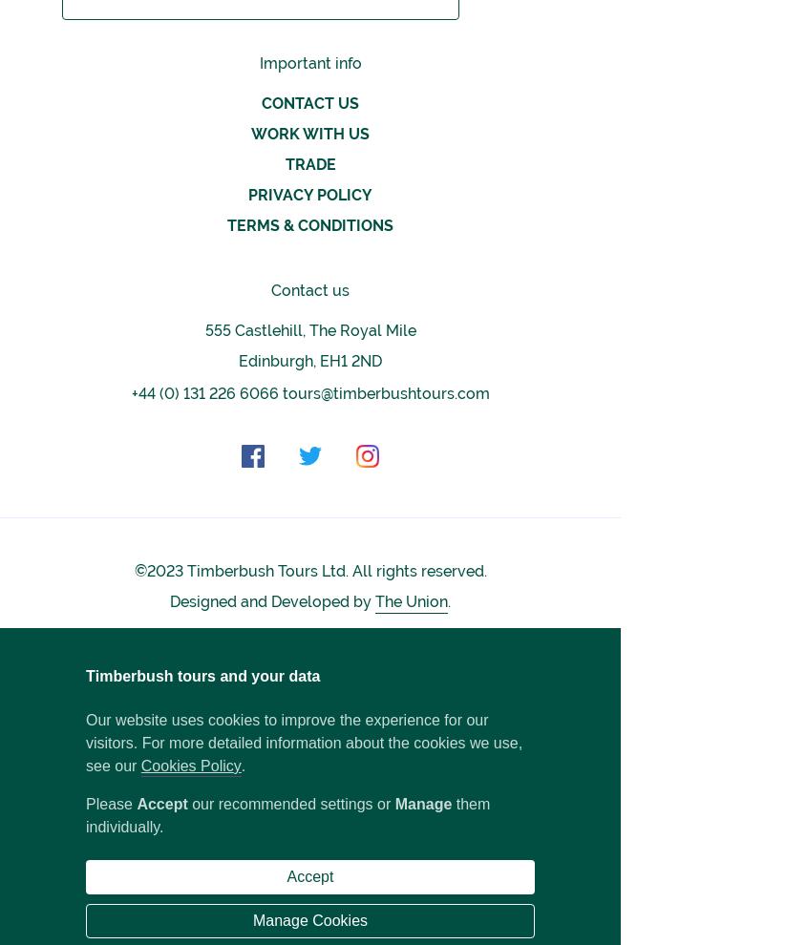  Describe the element at coordinates (412, 599) in the screenshot. I see `'The Union'` at that location.